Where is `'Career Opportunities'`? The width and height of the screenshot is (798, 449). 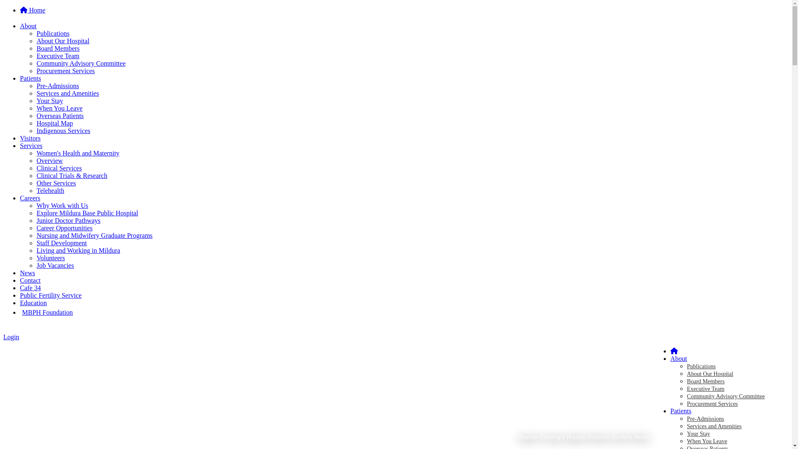 'Career Opportunities' is located at coordinates (64, 228).